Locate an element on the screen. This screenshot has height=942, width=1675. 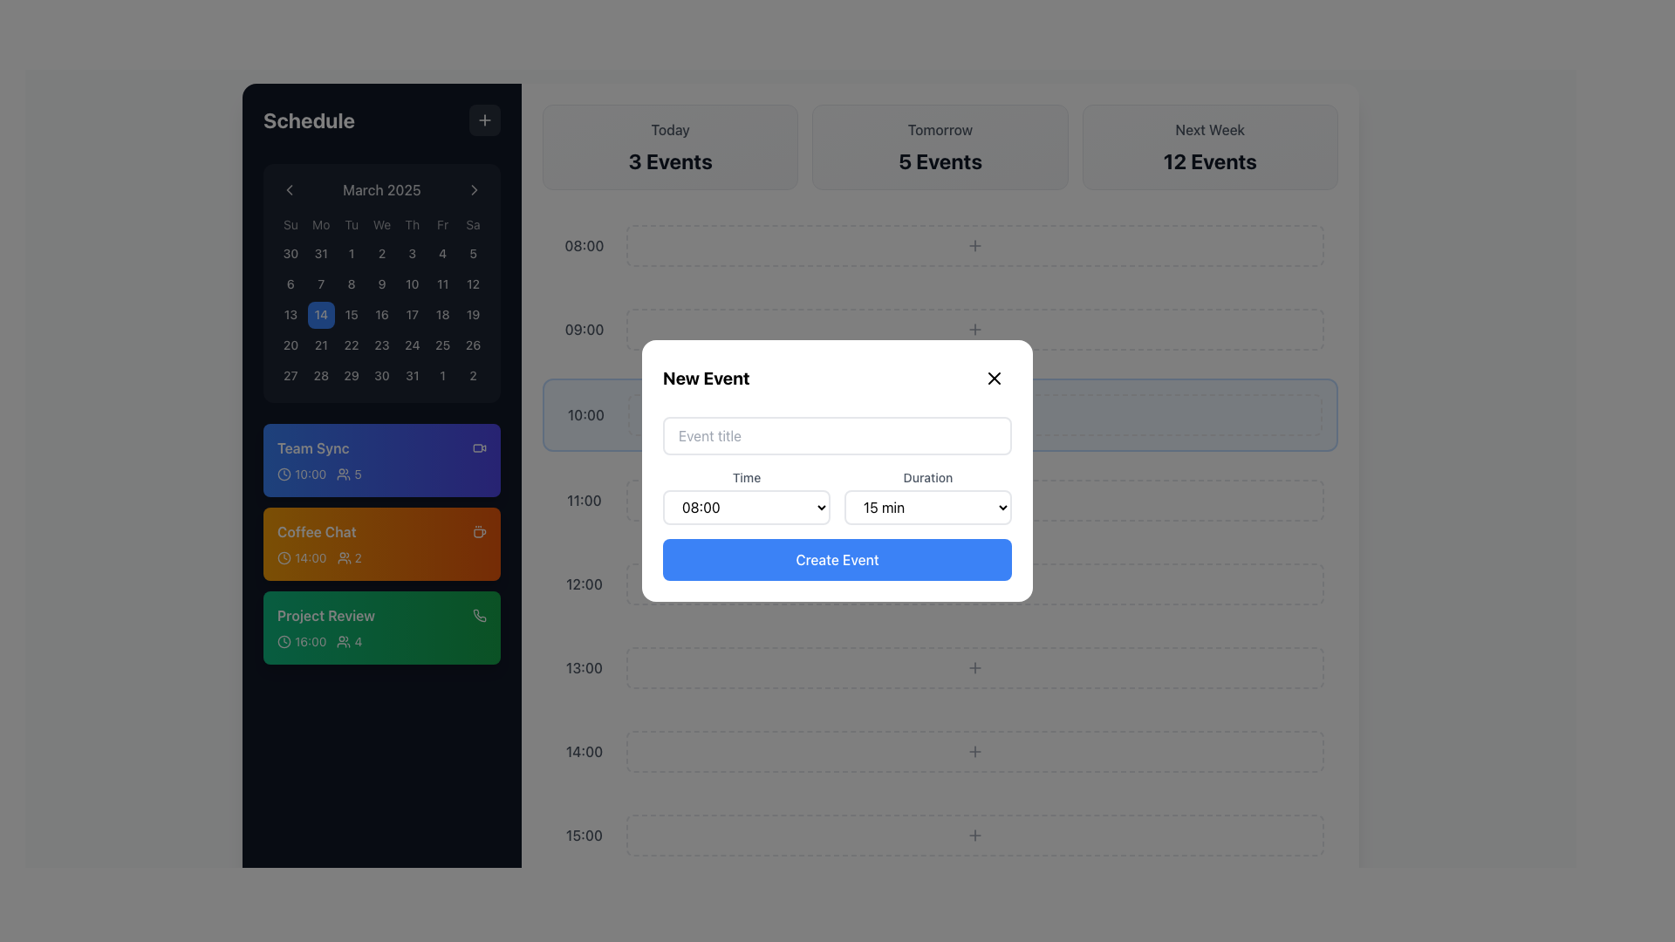
the text label indicating '12 Events' scheduled for 'Next Week', which is located within the third card of a horizontal list is located at coordinates (1209, 161).